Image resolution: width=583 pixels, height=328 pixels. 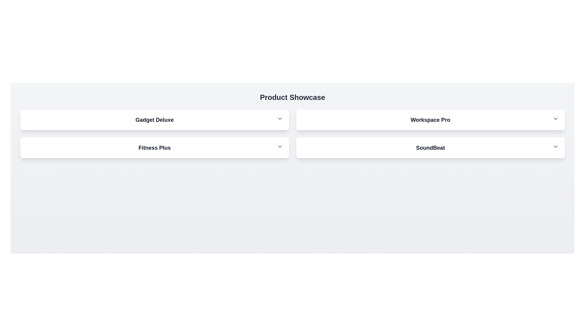 I want to click on the 'Fitness Plus' text label, which is styled with a bold font and black color, positioned centrally in its card layout, so click(x=155, y=148).